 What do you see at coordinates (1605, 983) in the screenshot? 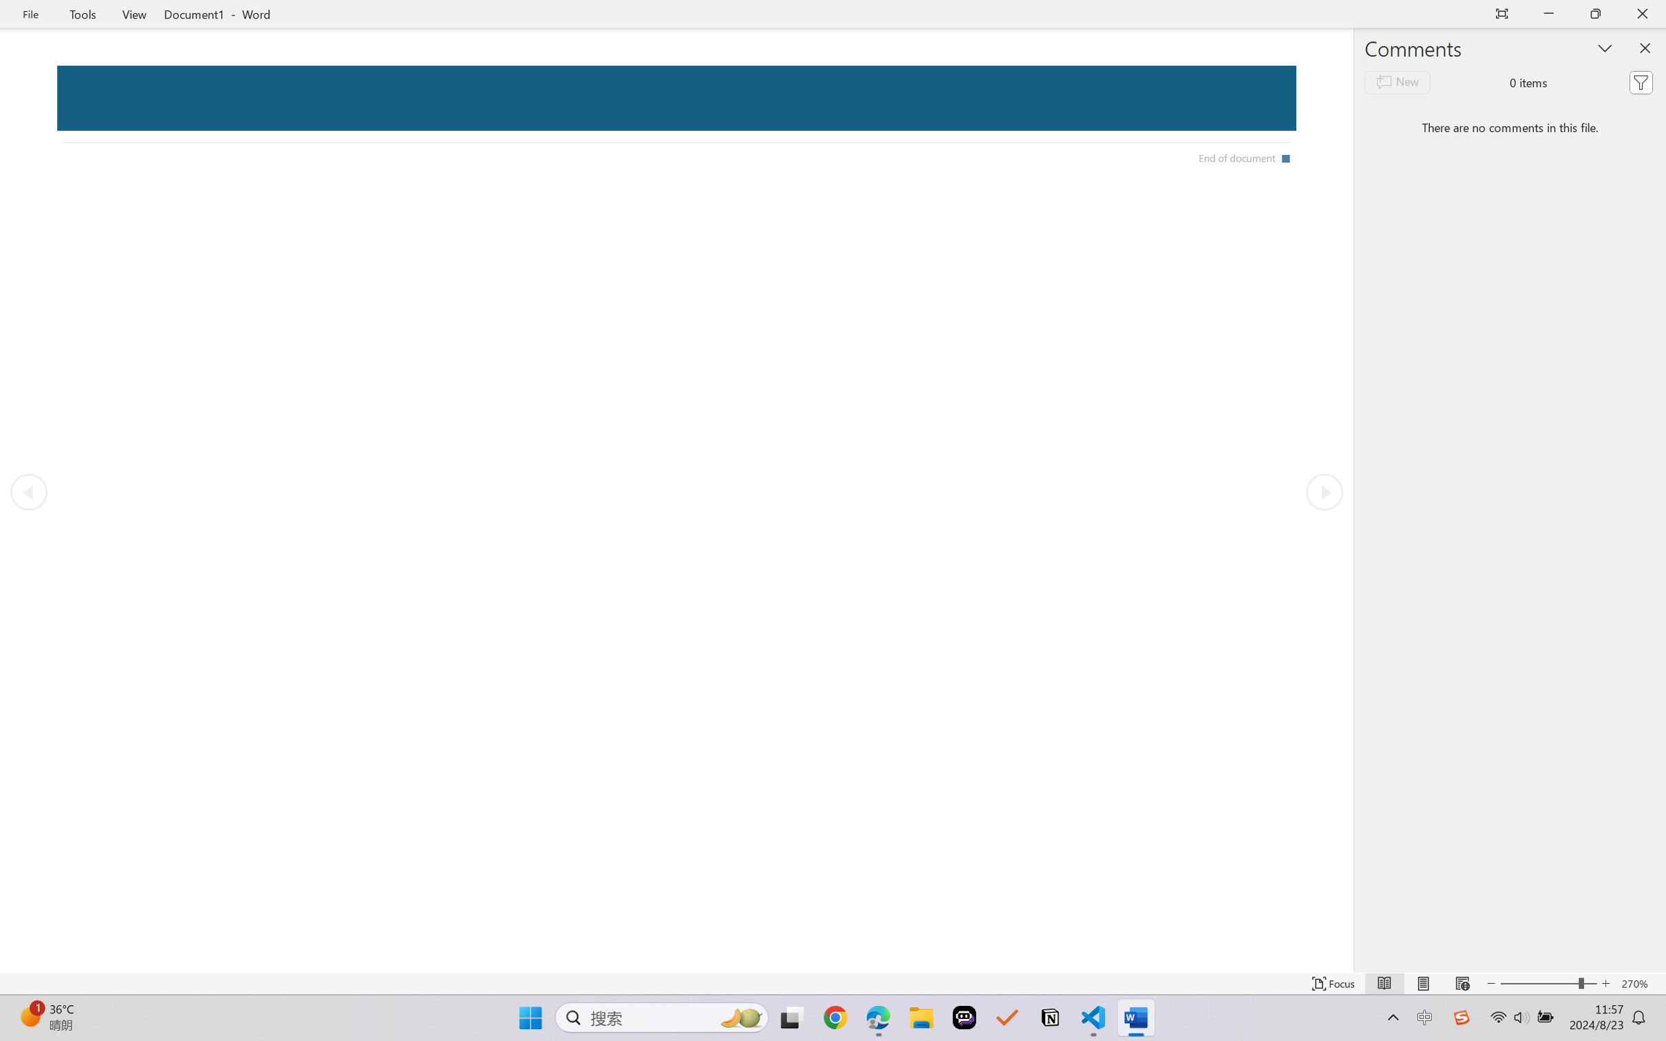
I see `'Increase Text Size'` at bounding box center [1605, 983].